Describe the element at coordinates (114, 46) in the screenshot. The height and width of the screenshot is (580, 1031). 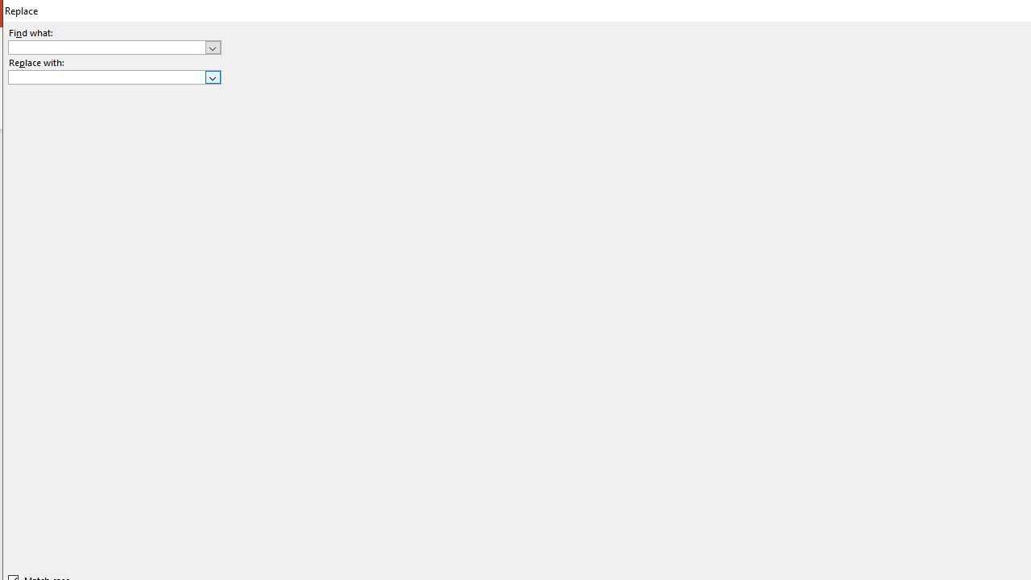
I see `'Find what'` at that location.